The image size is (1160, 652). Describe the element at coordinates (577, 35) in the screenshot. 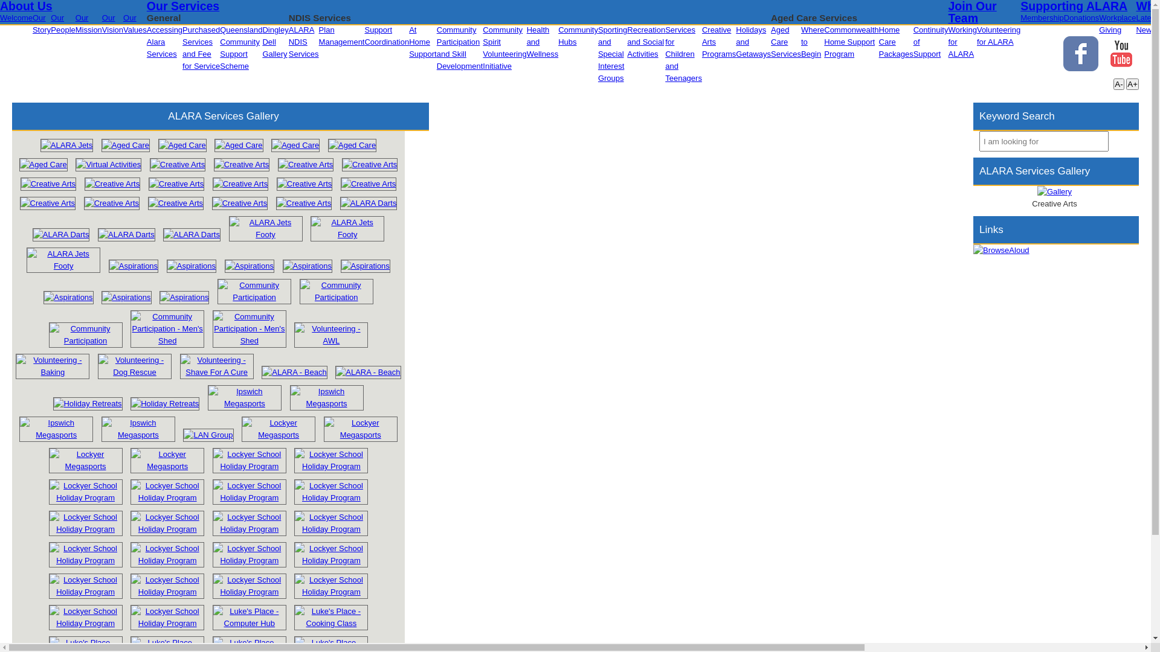

I see `'Community Hubs'` at that location.